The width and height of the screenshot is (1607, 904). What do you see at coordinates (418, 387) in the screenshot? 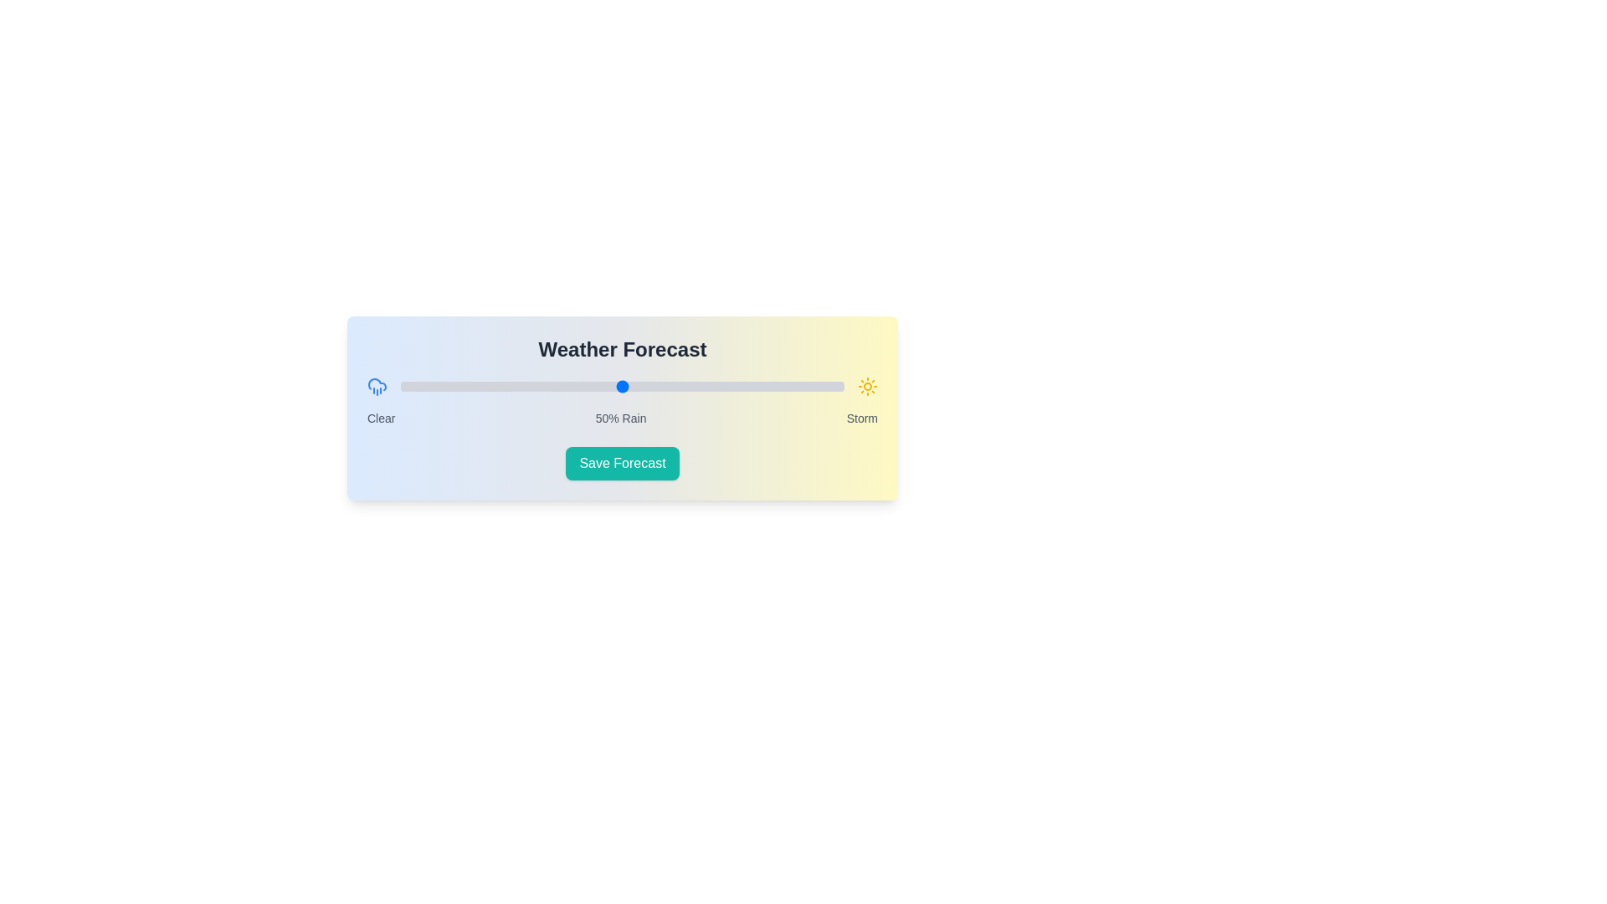
I see `the slider to set the rain probability to 4%` at bounding box center [418, 387].